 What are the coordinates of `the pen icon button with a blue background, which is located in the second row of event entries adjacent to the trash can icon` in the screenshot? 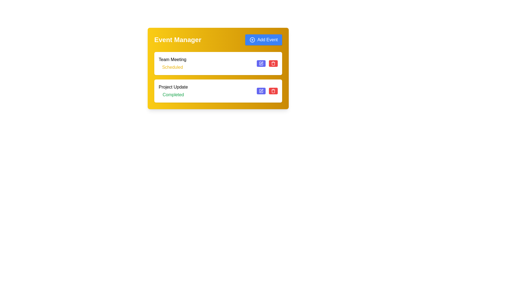 It's located at (261, 90).